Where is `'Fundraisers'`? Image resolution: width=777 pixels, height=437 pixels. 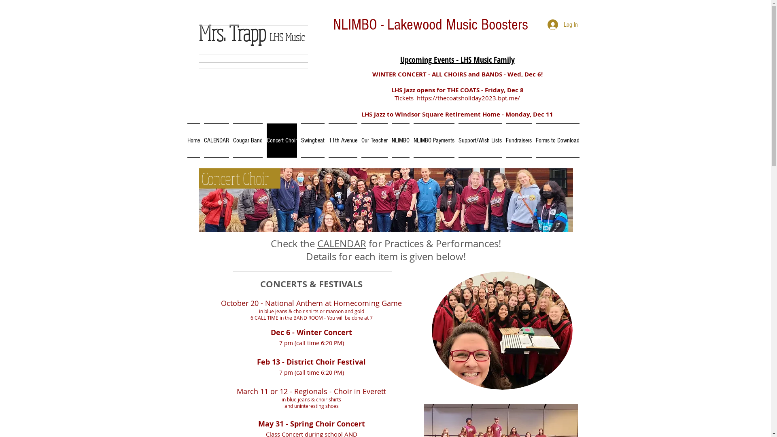
'Fundraisers' is located at coordinates (518, 140).